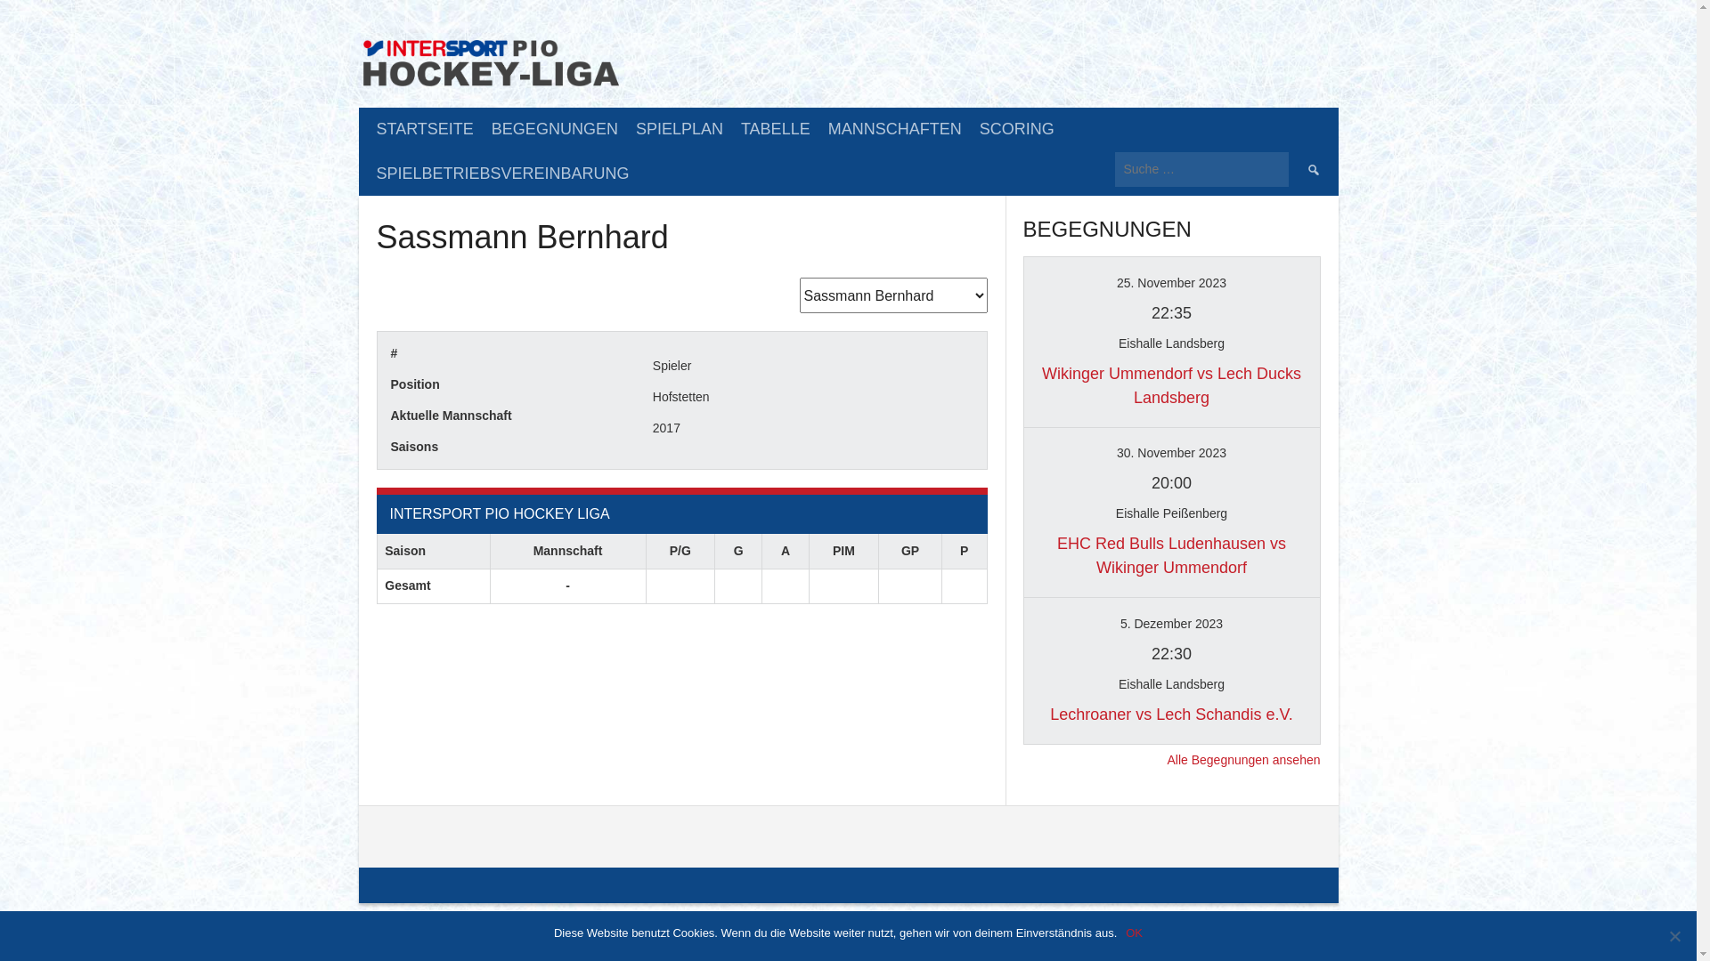  What do you see at coordinates (1124, 933) in the screenshot?
I see `'OK'` at bounding box center [1124, 933].